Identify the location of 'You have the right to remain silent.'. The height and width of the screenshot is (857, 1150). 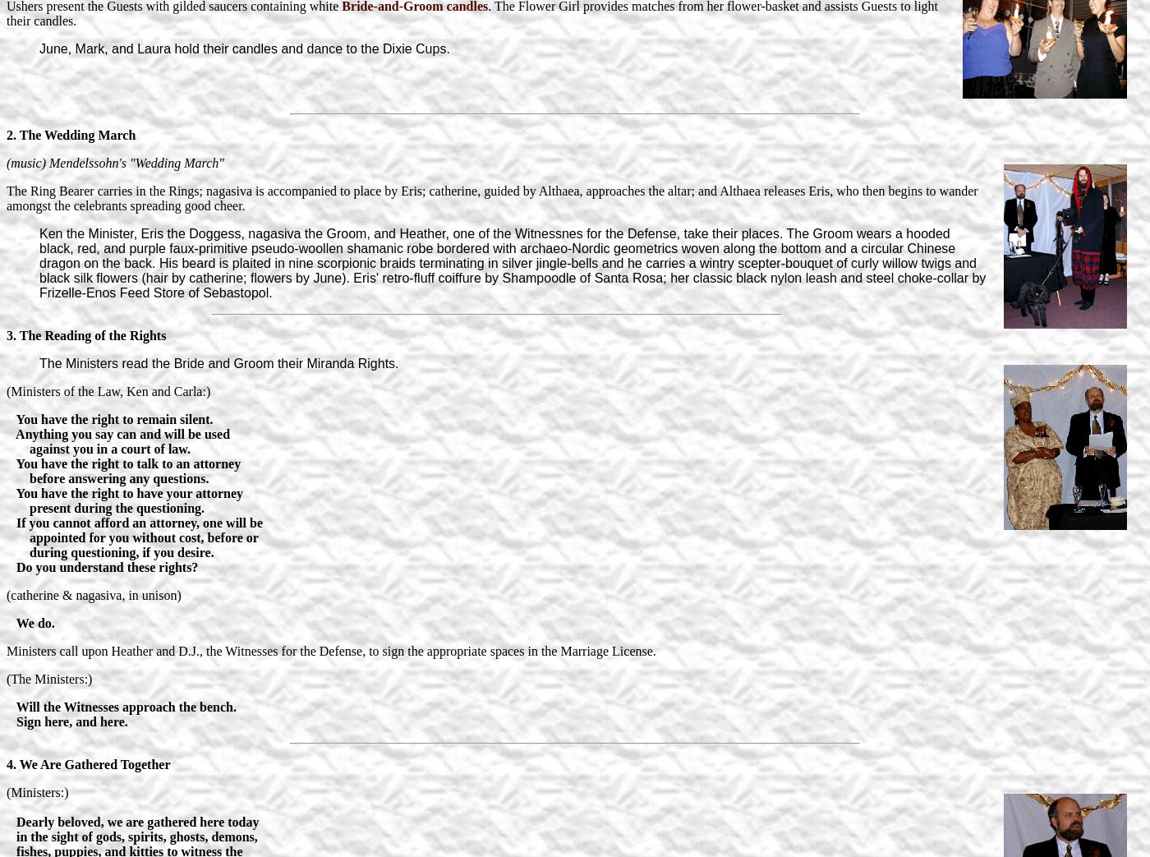
(109, 417).